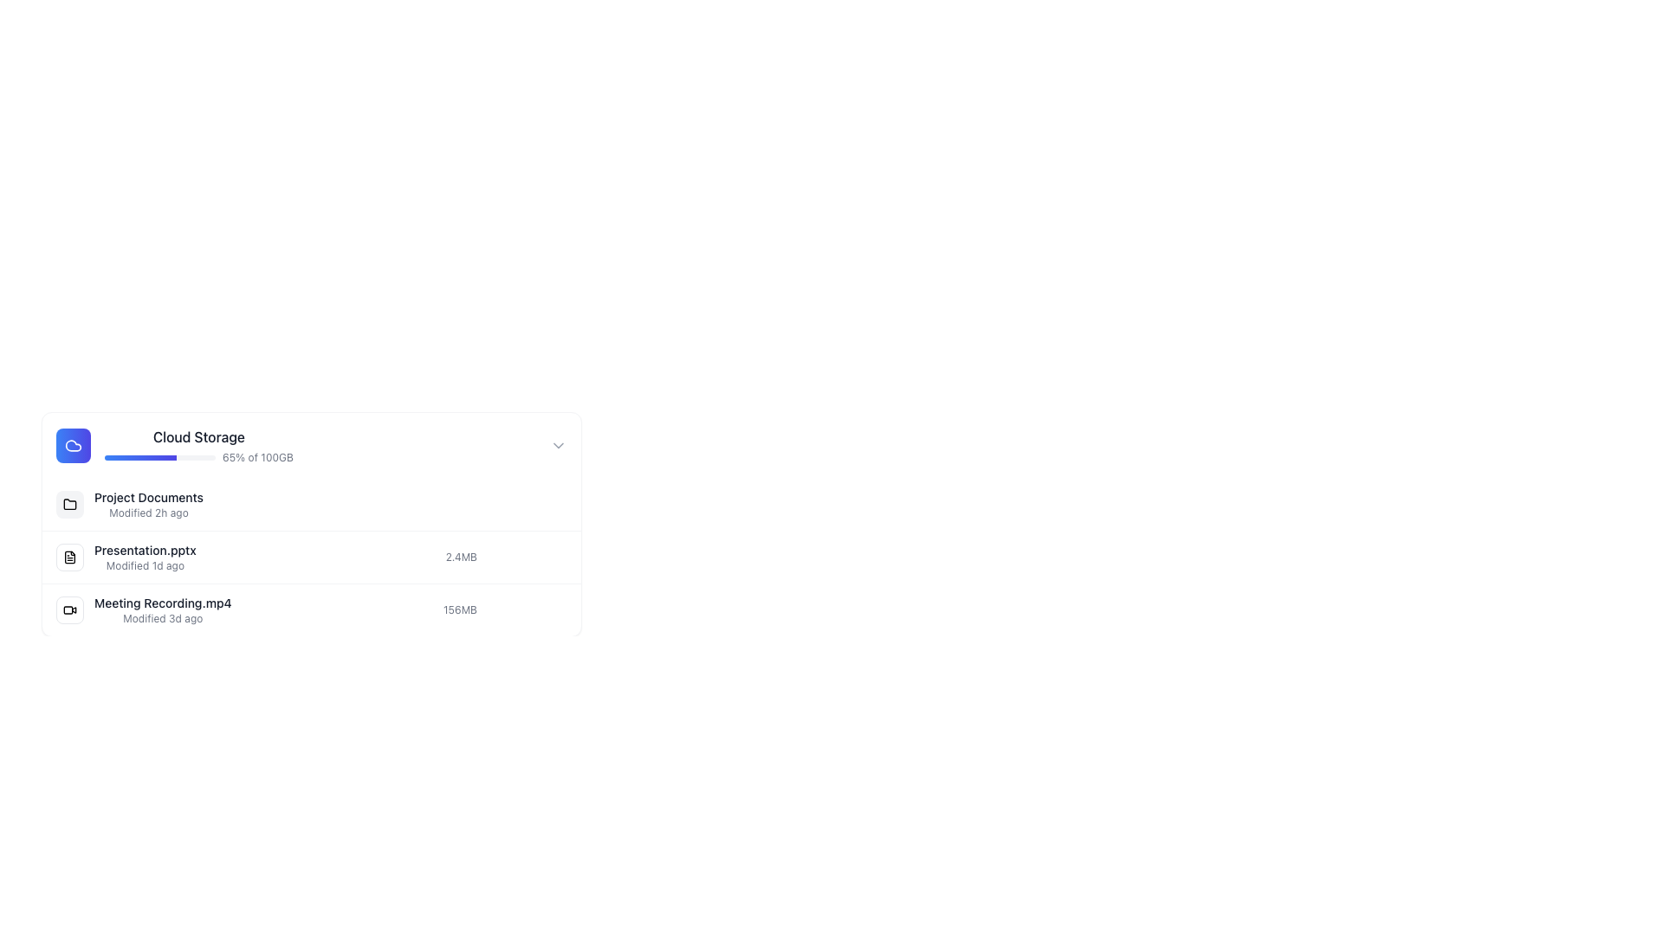  I want to click on the document icon representing 'Presentation.pptx', so click(69, 558).